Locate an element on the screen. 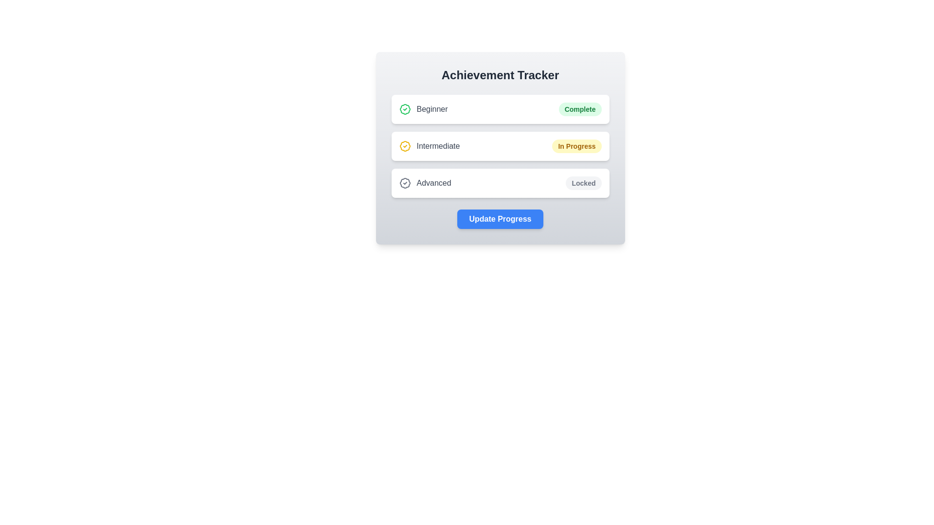  stage labels for current status in the progress tracker component located at the center of the interface is located at coordinates (500, 148).